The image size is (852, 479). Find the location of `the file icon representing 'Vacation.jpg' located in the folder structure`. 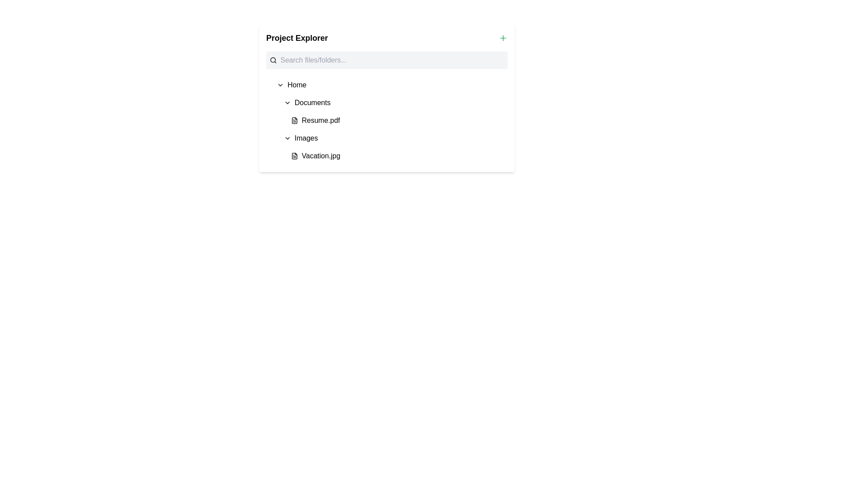

the file icon representing 'Vacation.jpg' located in the folder structure is located at coordinates (294, 155).